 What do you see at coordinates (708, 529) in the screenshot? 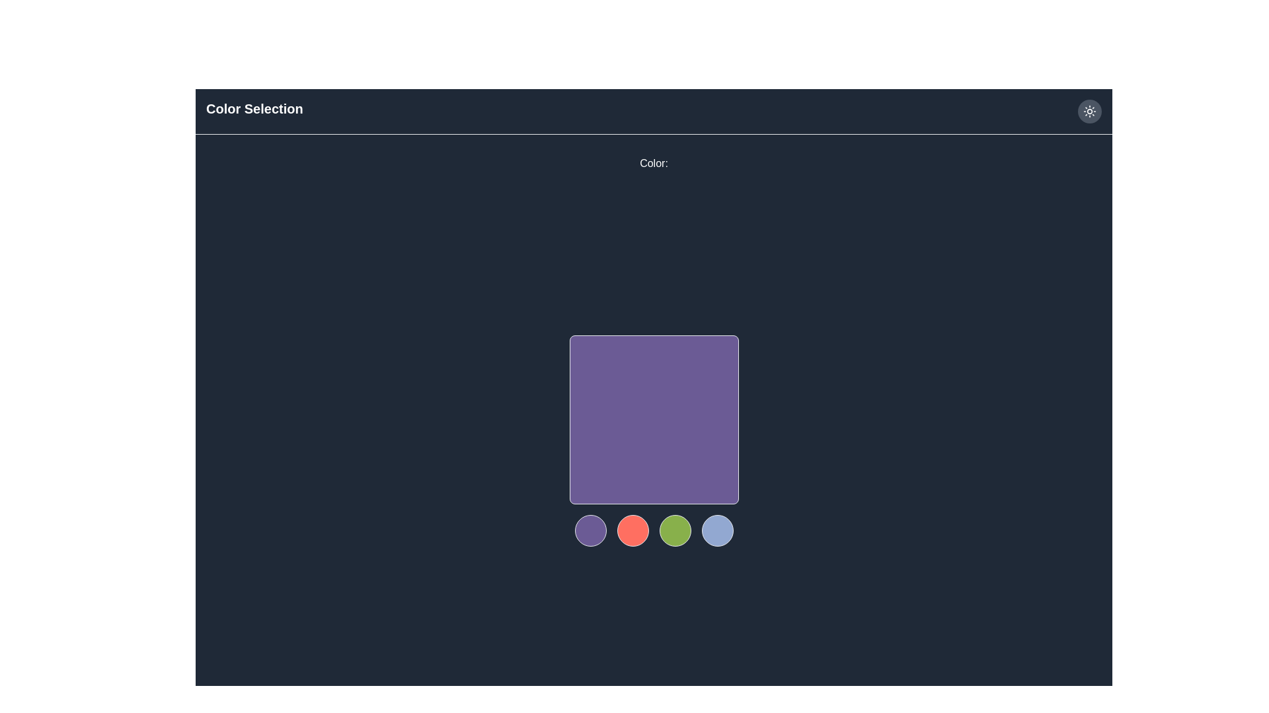
I see `the small circular SVG graphic element located within the rightmost circular button, which is styled with a transparent background and thin border, positioned beneath the central purple square` at bounding box center [708, 529].